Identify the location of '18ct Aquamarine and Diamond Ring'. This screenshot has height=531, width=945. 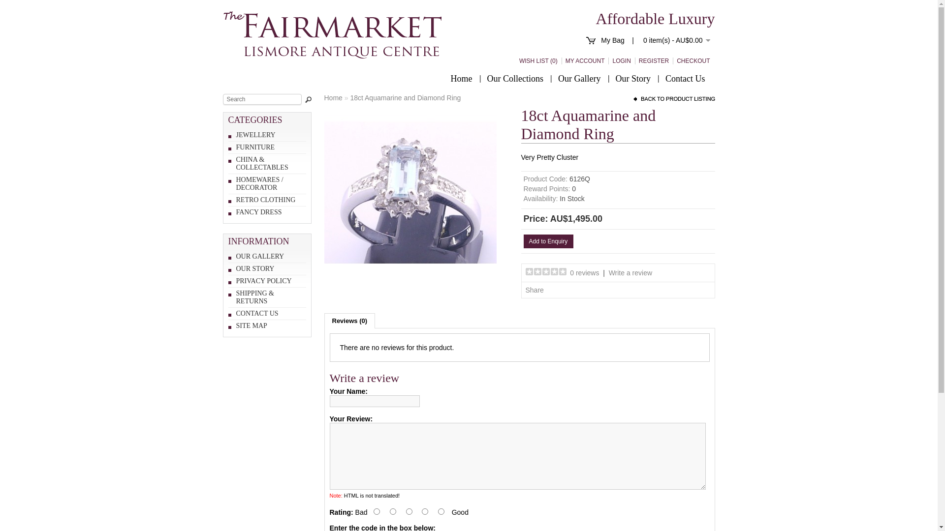
(410, 276).